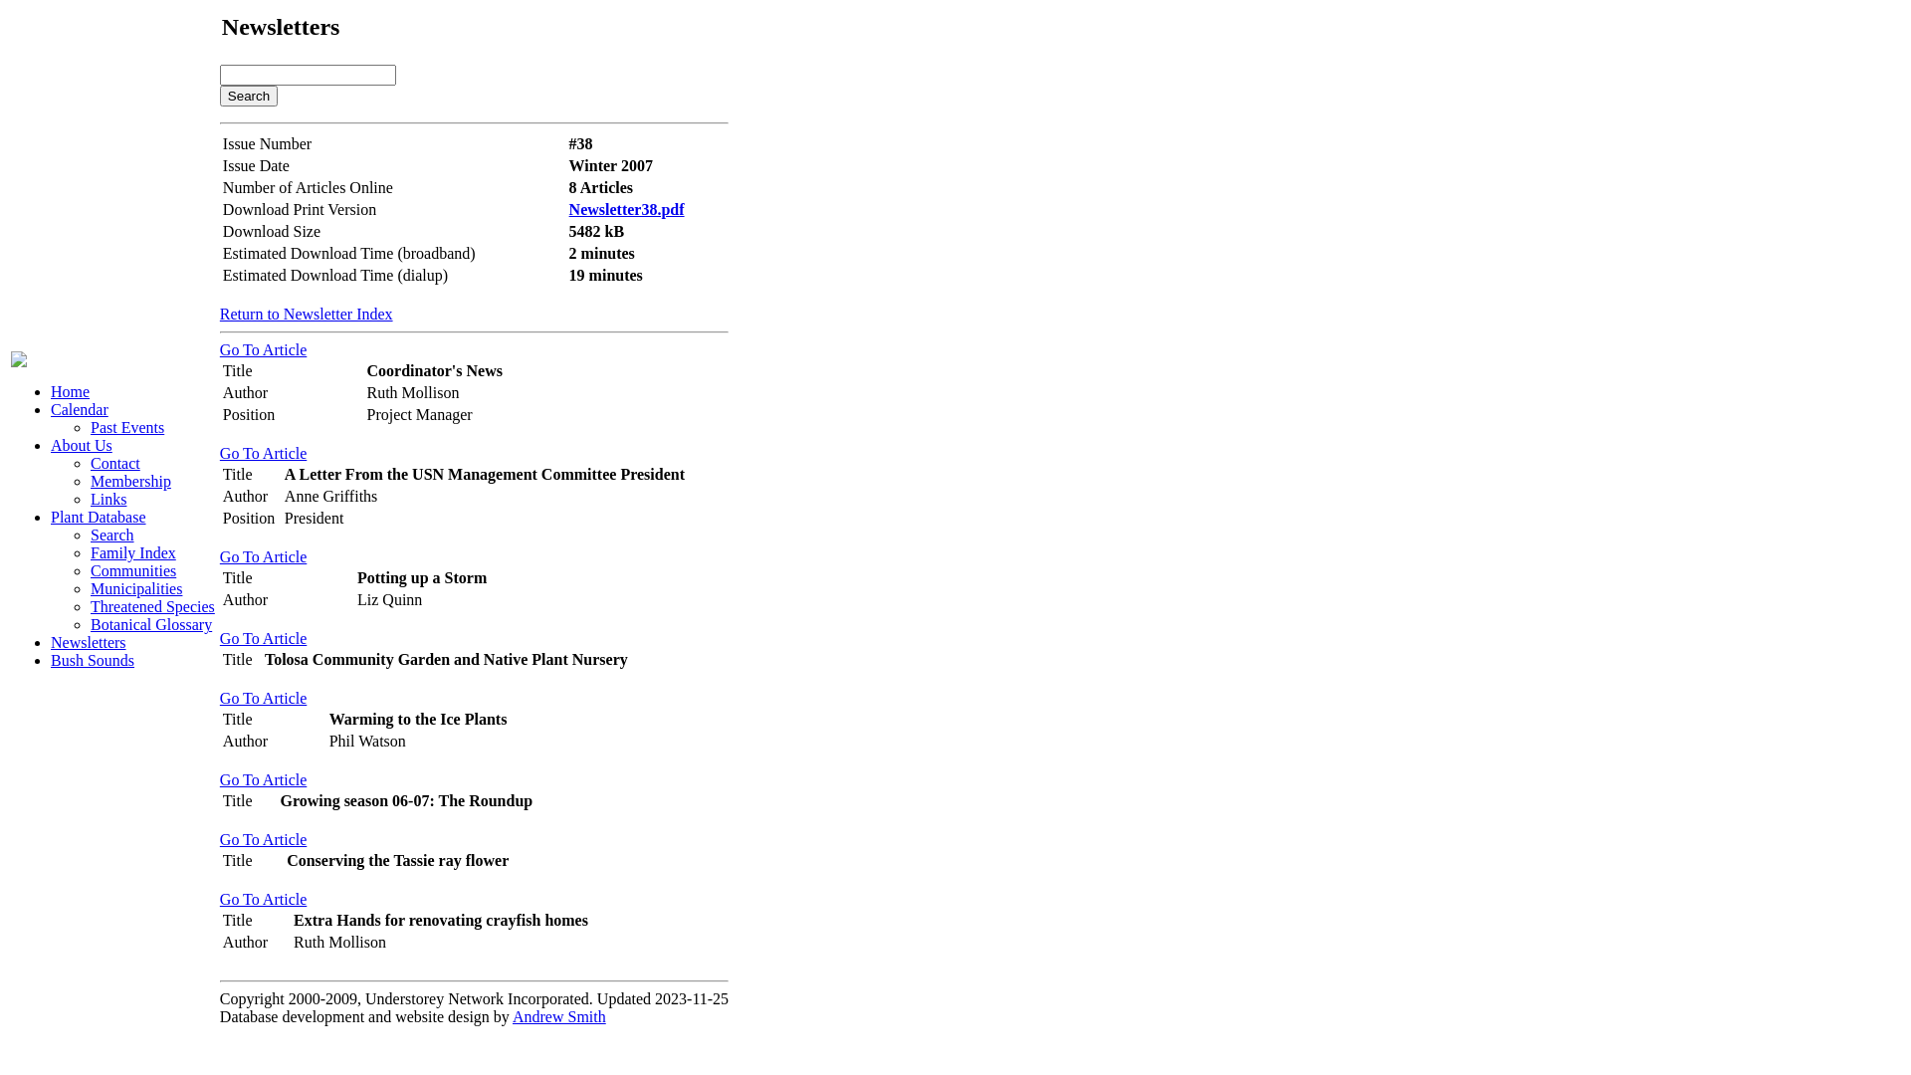 Image resolution: width=1911 pixels, height=1075 pixels. I want to click on 'Bush Sounds', so click(91, 660).